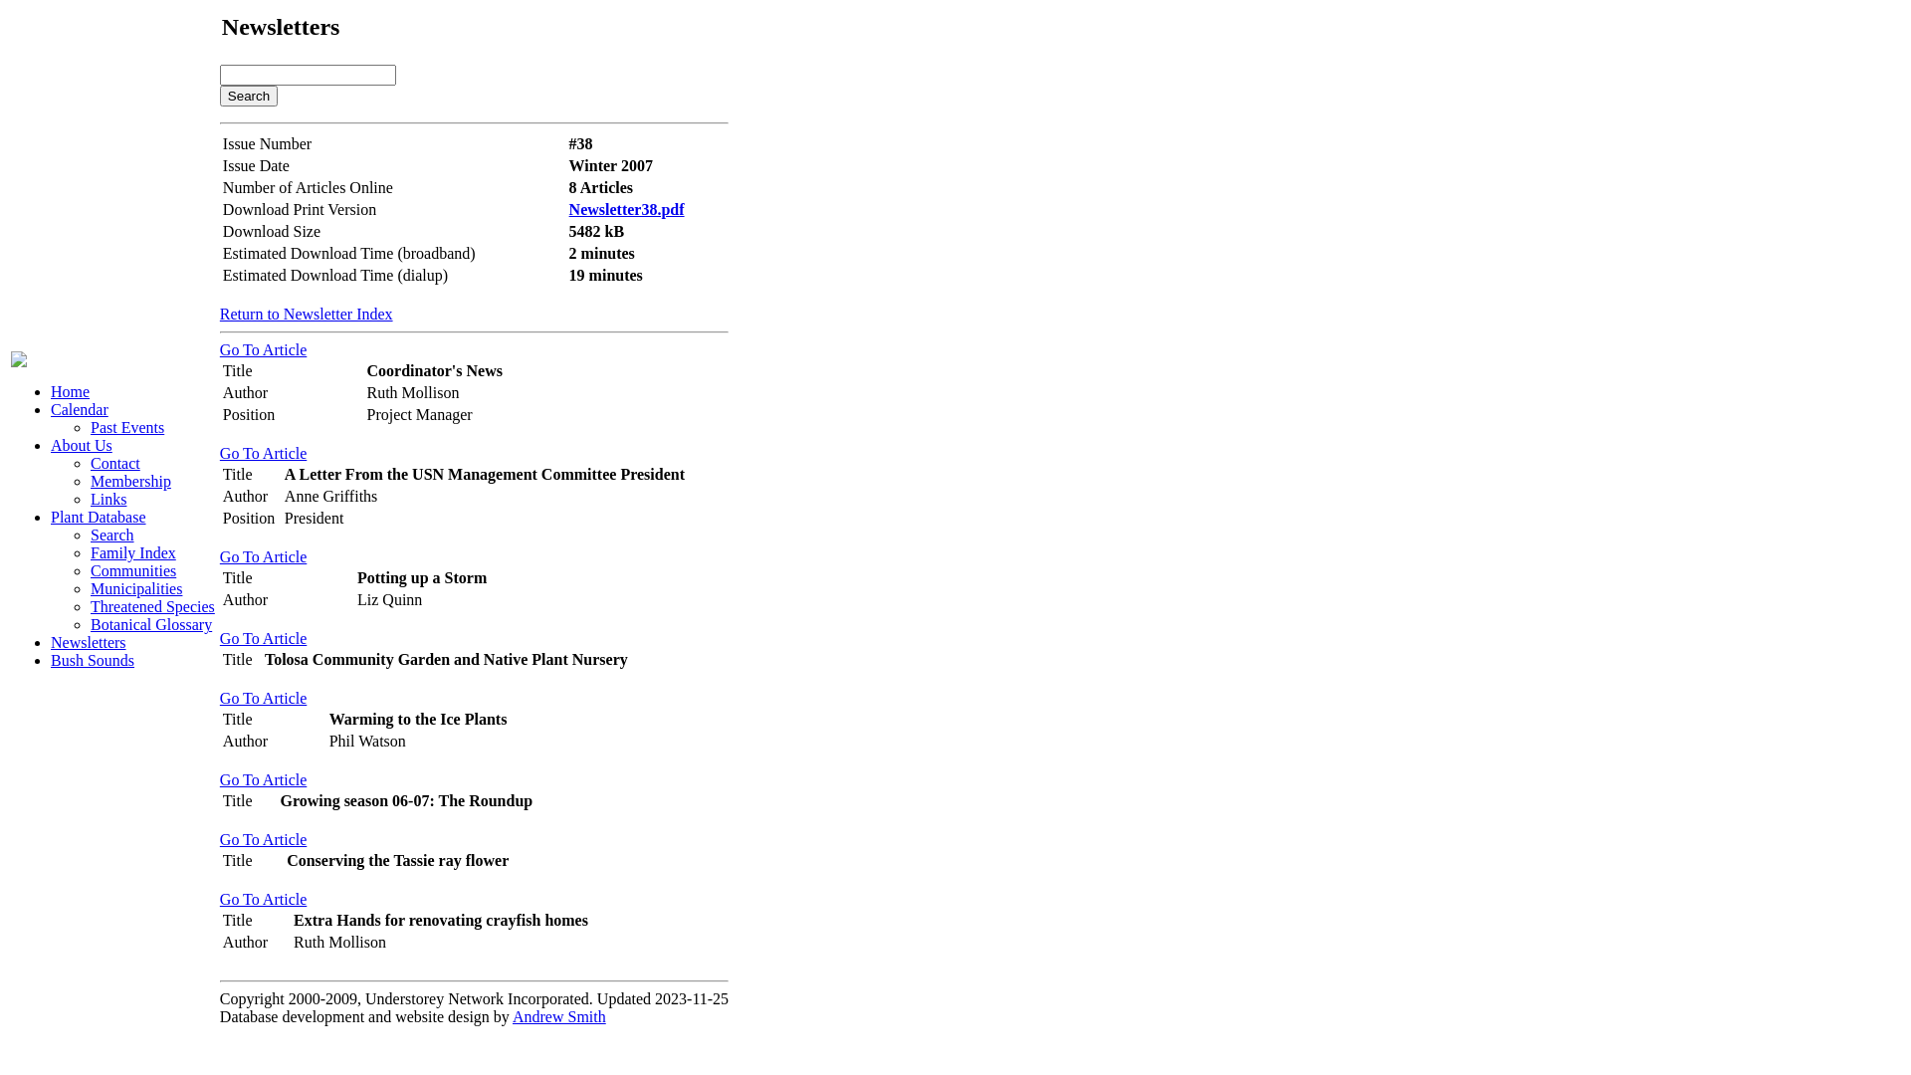 Image resolution: width=1911 pixels, height=1075 pixels. I want to click on 'Bush Sounds', so click(91, 660).